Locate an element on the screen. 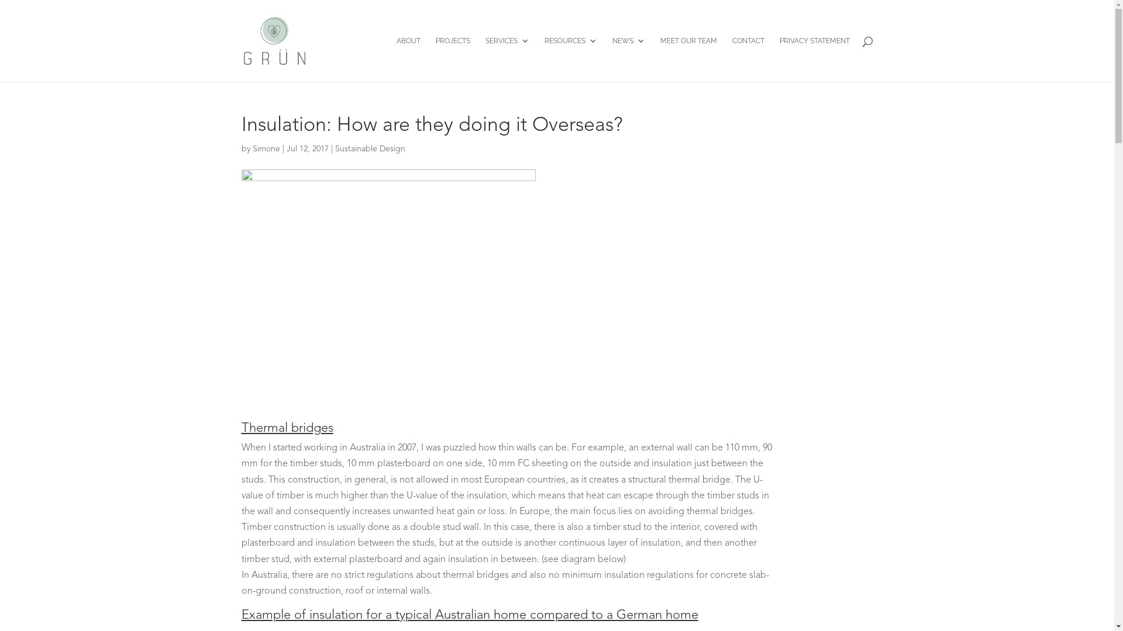  'PROJECTS' is located at coordinates (452, 59).